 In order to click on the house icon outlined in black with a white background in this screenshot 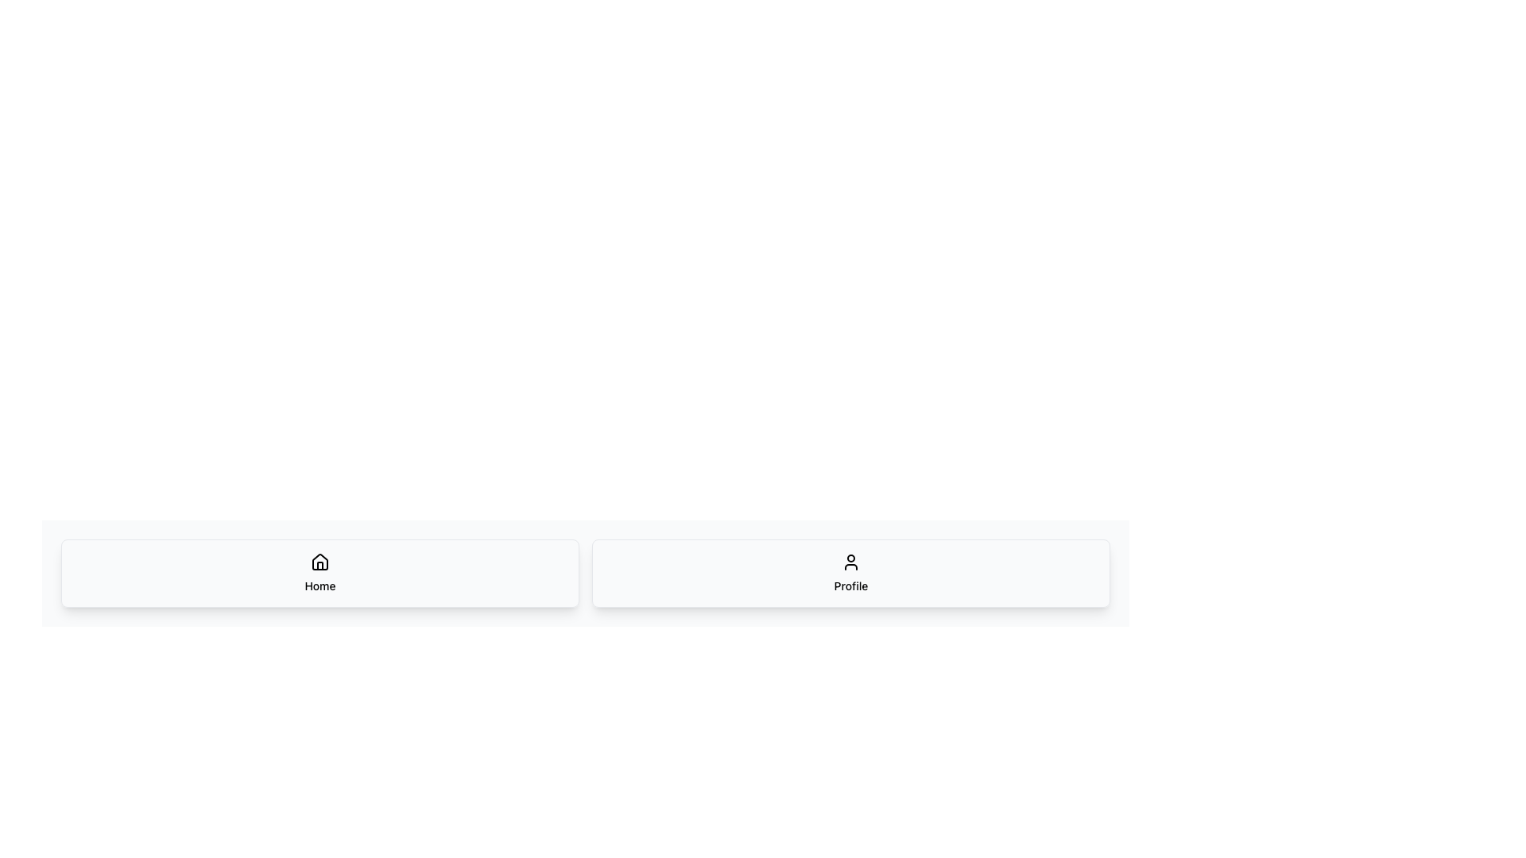, I will do `click(320, 562)`.